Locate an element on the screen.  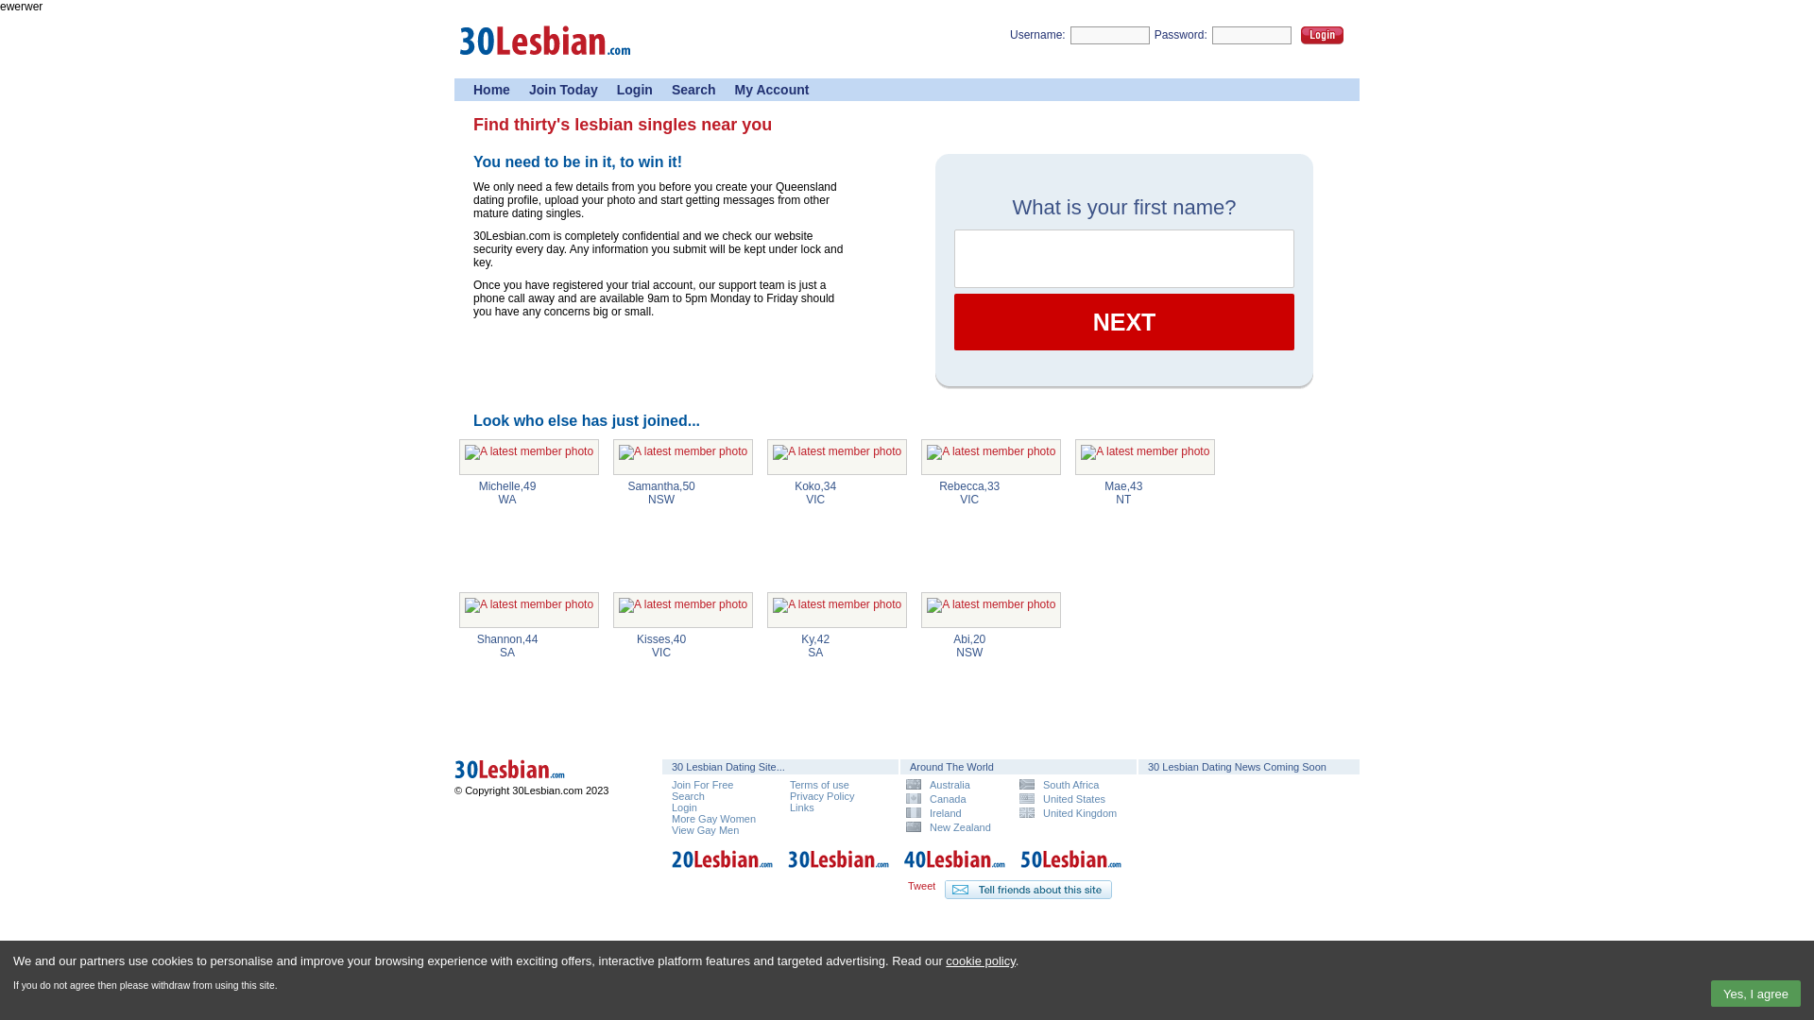
'Ky, 42 from Adelaide, SA' is located at coordinates (836, 609).